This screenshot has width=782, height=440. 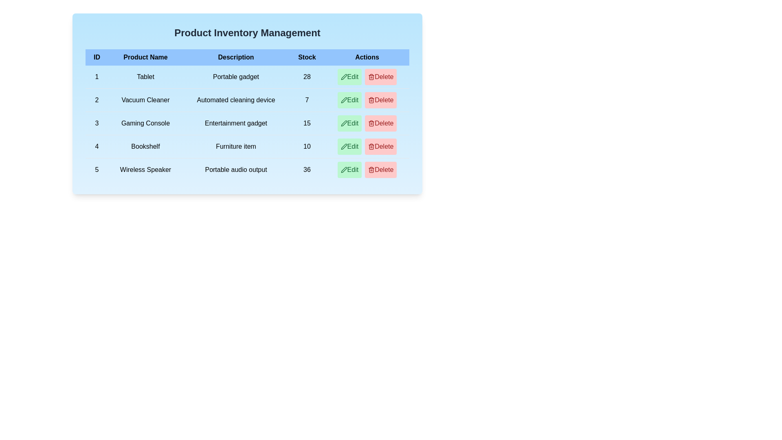 What do you see at coordinates (344, 146) in the screenshot?
I see `the pen icon located in the fourth row of the table under the 'Actions' column within the 'Edit' button, which has a green background` at bounding box center [344, 146].